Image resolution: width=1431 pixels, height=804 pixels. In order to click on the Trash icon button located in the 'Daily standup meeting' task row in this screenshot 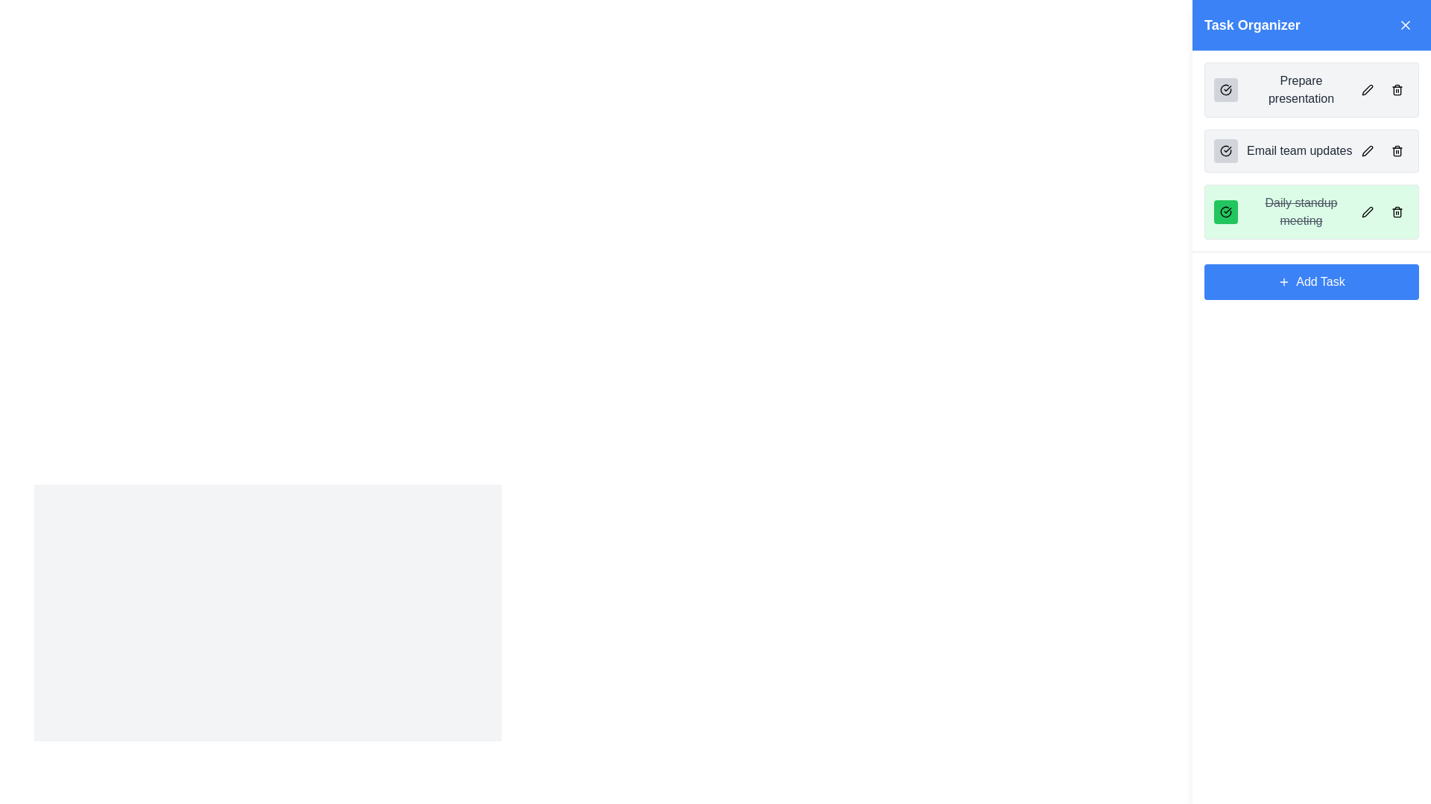, I will do `click(1397, 212)`.